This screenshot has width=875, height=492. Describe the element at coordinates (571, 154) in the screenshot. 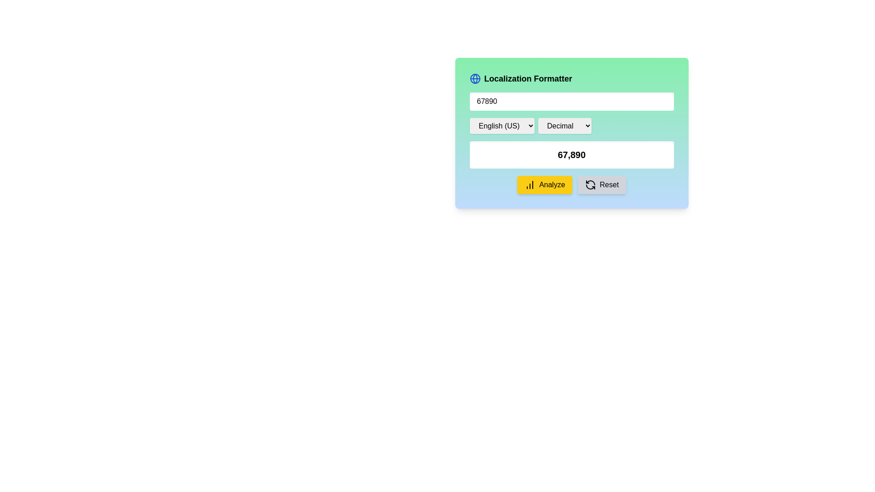

I see `the static text label that displays a numerical value, located in the center of the interface on a white background` at that location.